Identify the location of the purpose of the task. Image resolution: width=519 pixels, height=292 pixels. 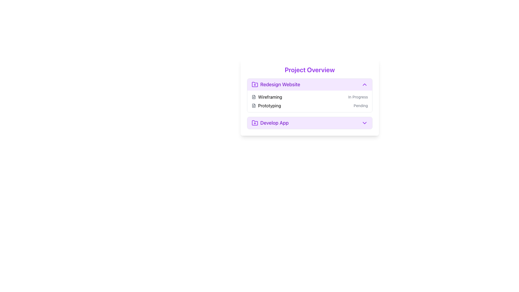
(254, 97).